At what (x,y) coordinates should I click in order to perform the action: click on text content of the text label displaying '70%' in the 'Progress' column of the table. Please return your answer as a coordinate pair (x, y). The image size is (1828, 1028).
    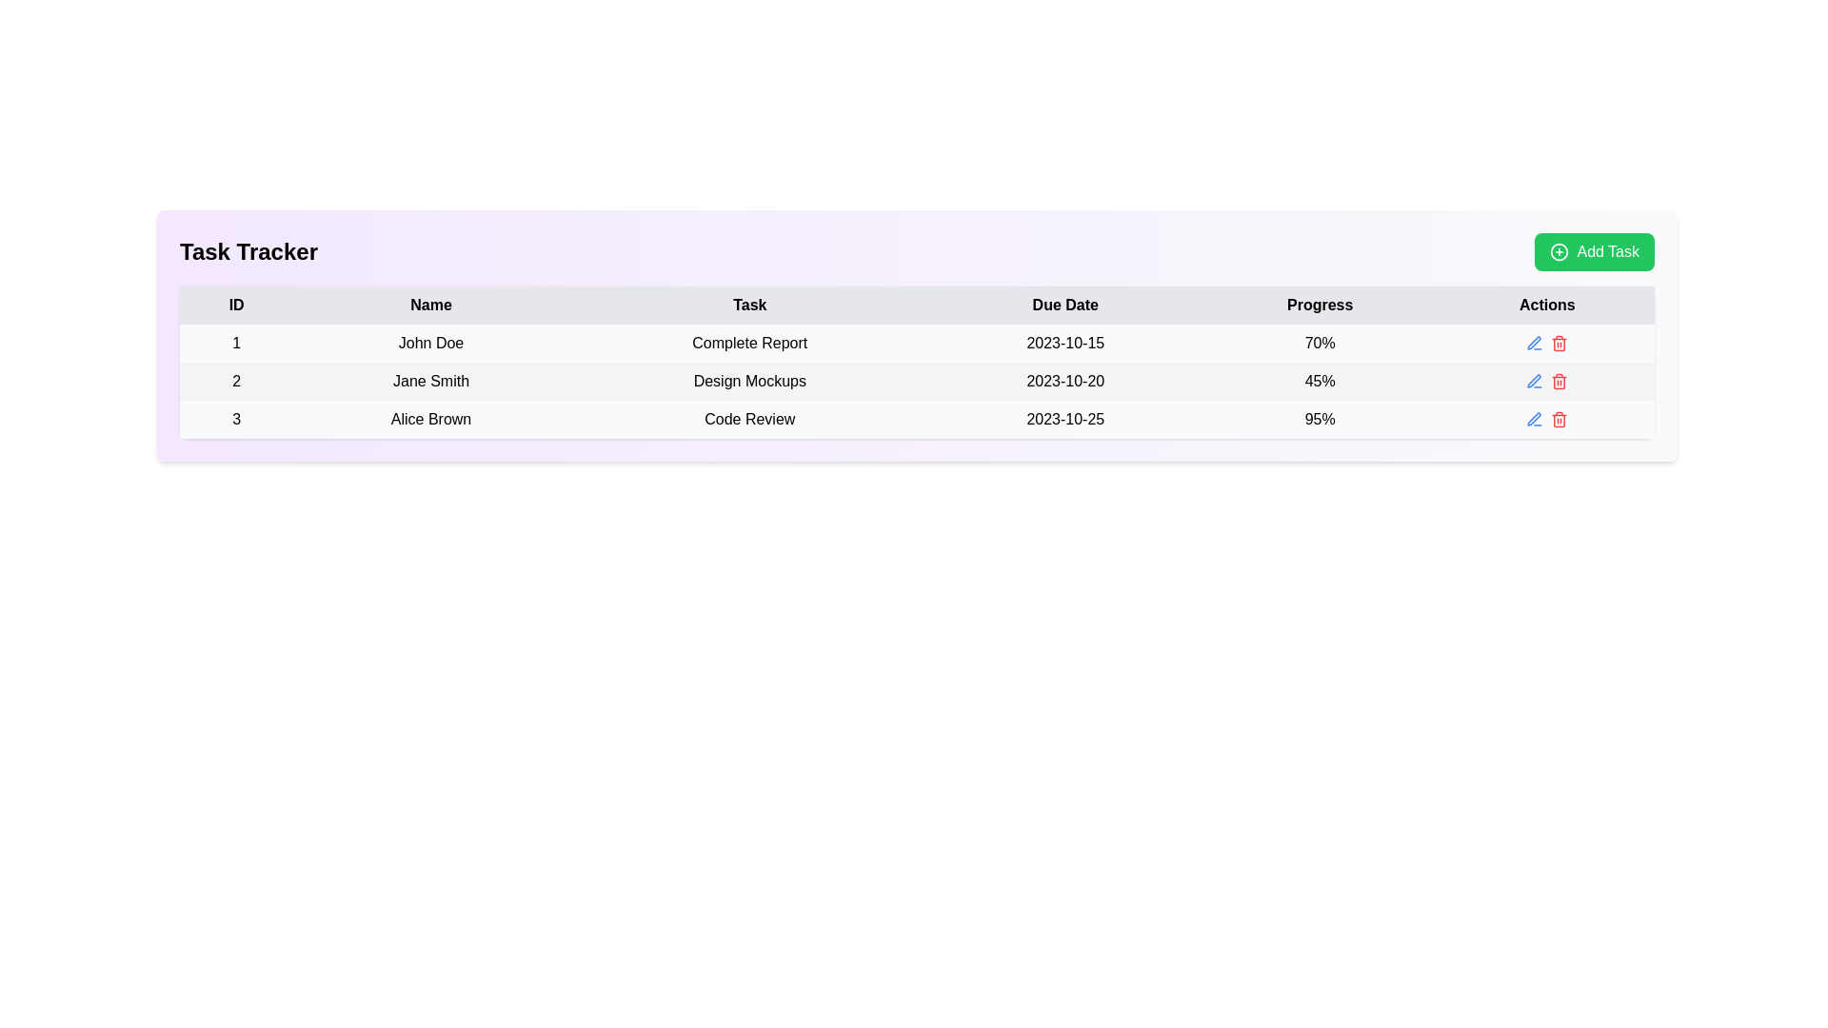
    Looking at the image, I should click on (1319, 344).